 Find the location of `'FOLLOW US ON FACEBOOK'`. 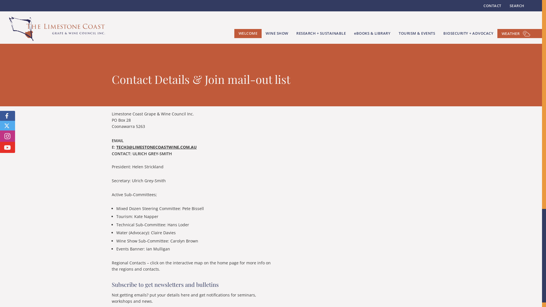

'FOLLOW US ON FACEBOOK' is located at coordinates (0, 115).